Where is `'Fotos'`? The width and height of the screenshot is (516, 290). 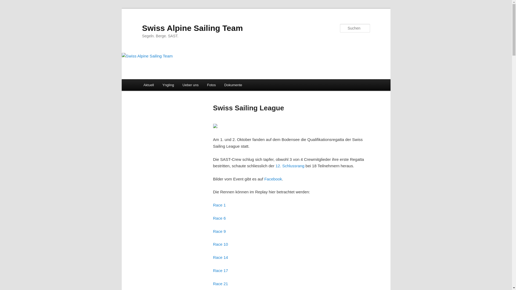
'Fotos' is located at coordinates (211, 85).